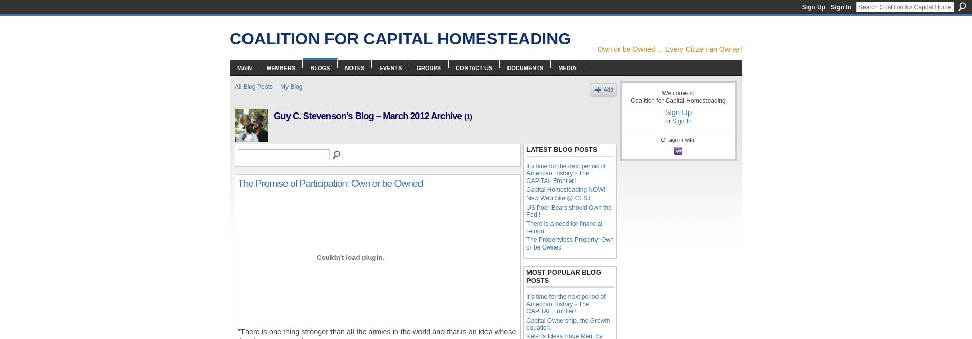  What do you see at coordinates (668, 121) in the screenshot?
I see `'or'` at bounding box center [668, 121].